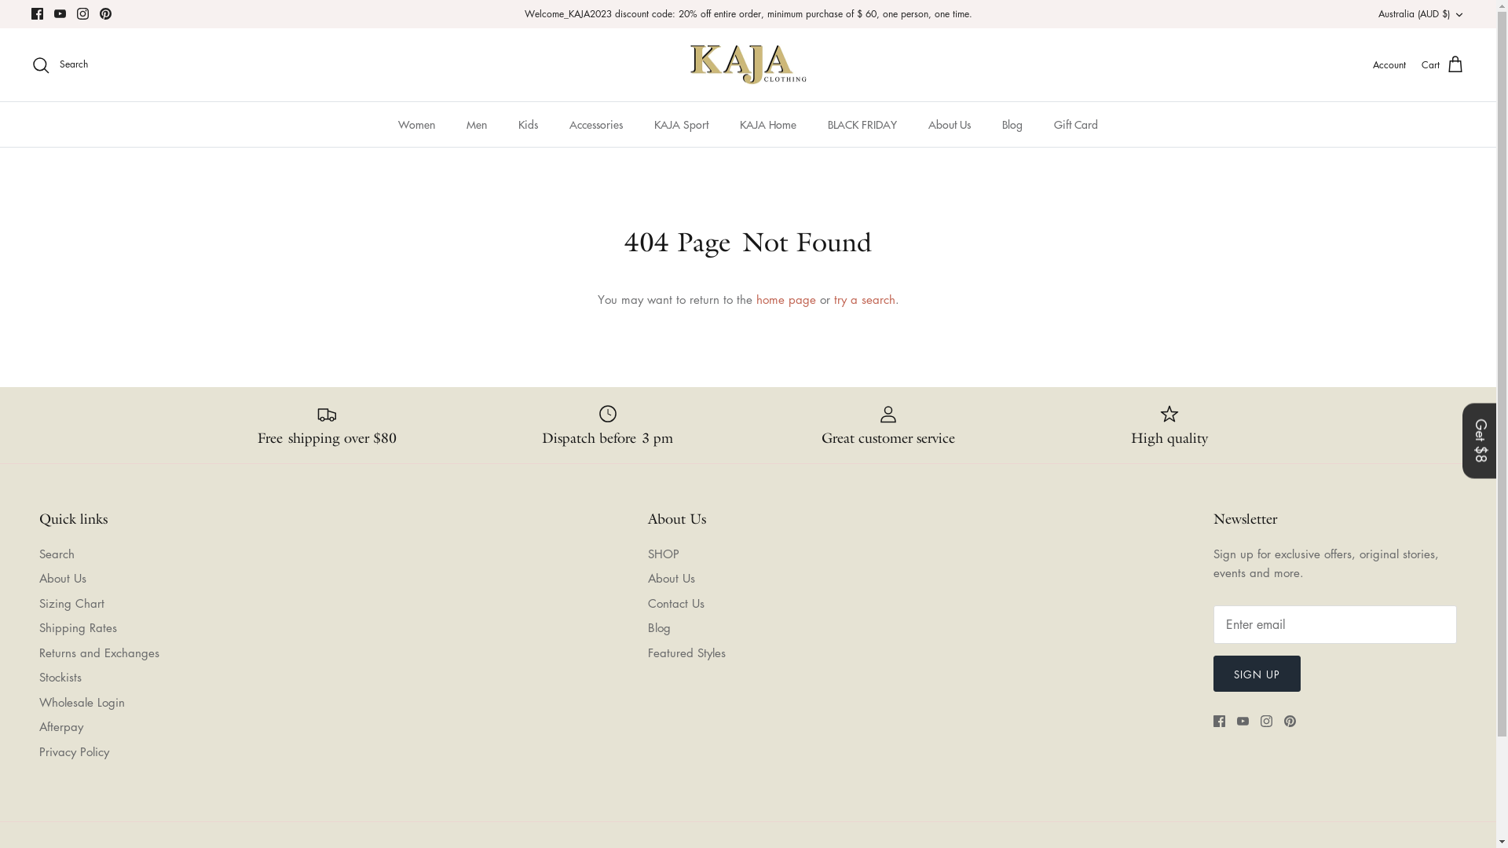 The width and height of the screenshot is (1508, 848). What do you see at coordinates (1389, 64) in the screenshot?
I see `'Account'` at bounding box center [1389, 64].